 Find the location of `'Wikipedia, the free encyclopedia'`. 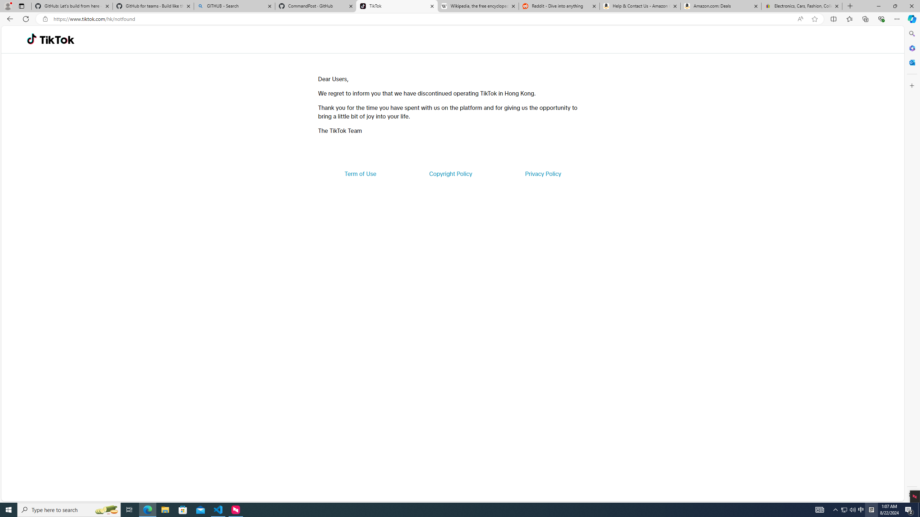

'Wikipedia, the free encyclopedia' is located at coordinates (477, 6).